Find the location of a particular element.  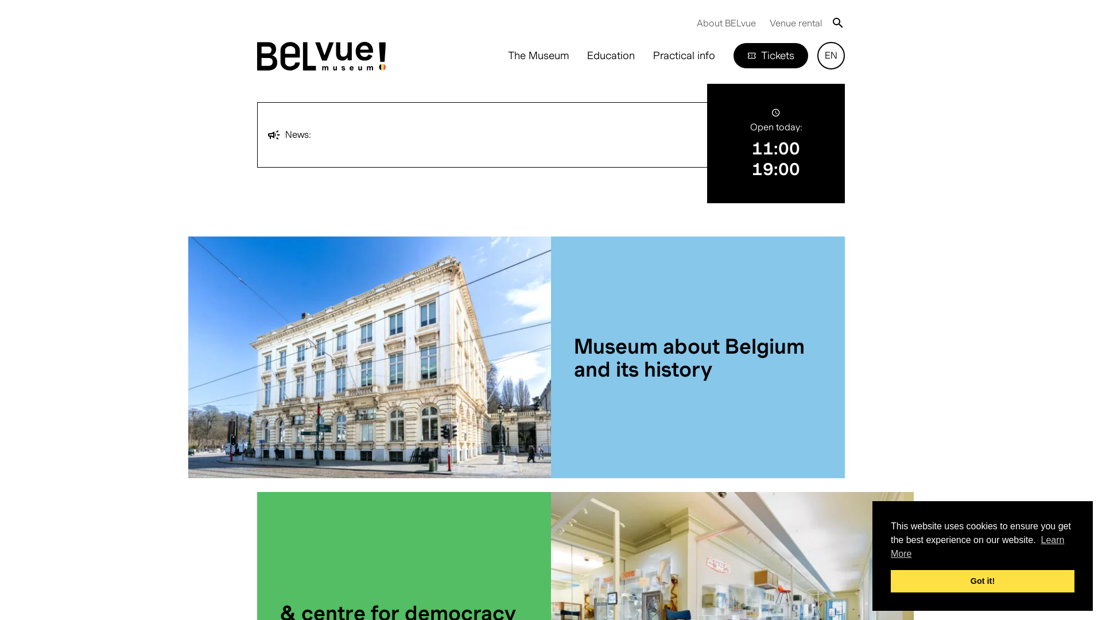

'The Museum' is located at coordinates (537, 55).